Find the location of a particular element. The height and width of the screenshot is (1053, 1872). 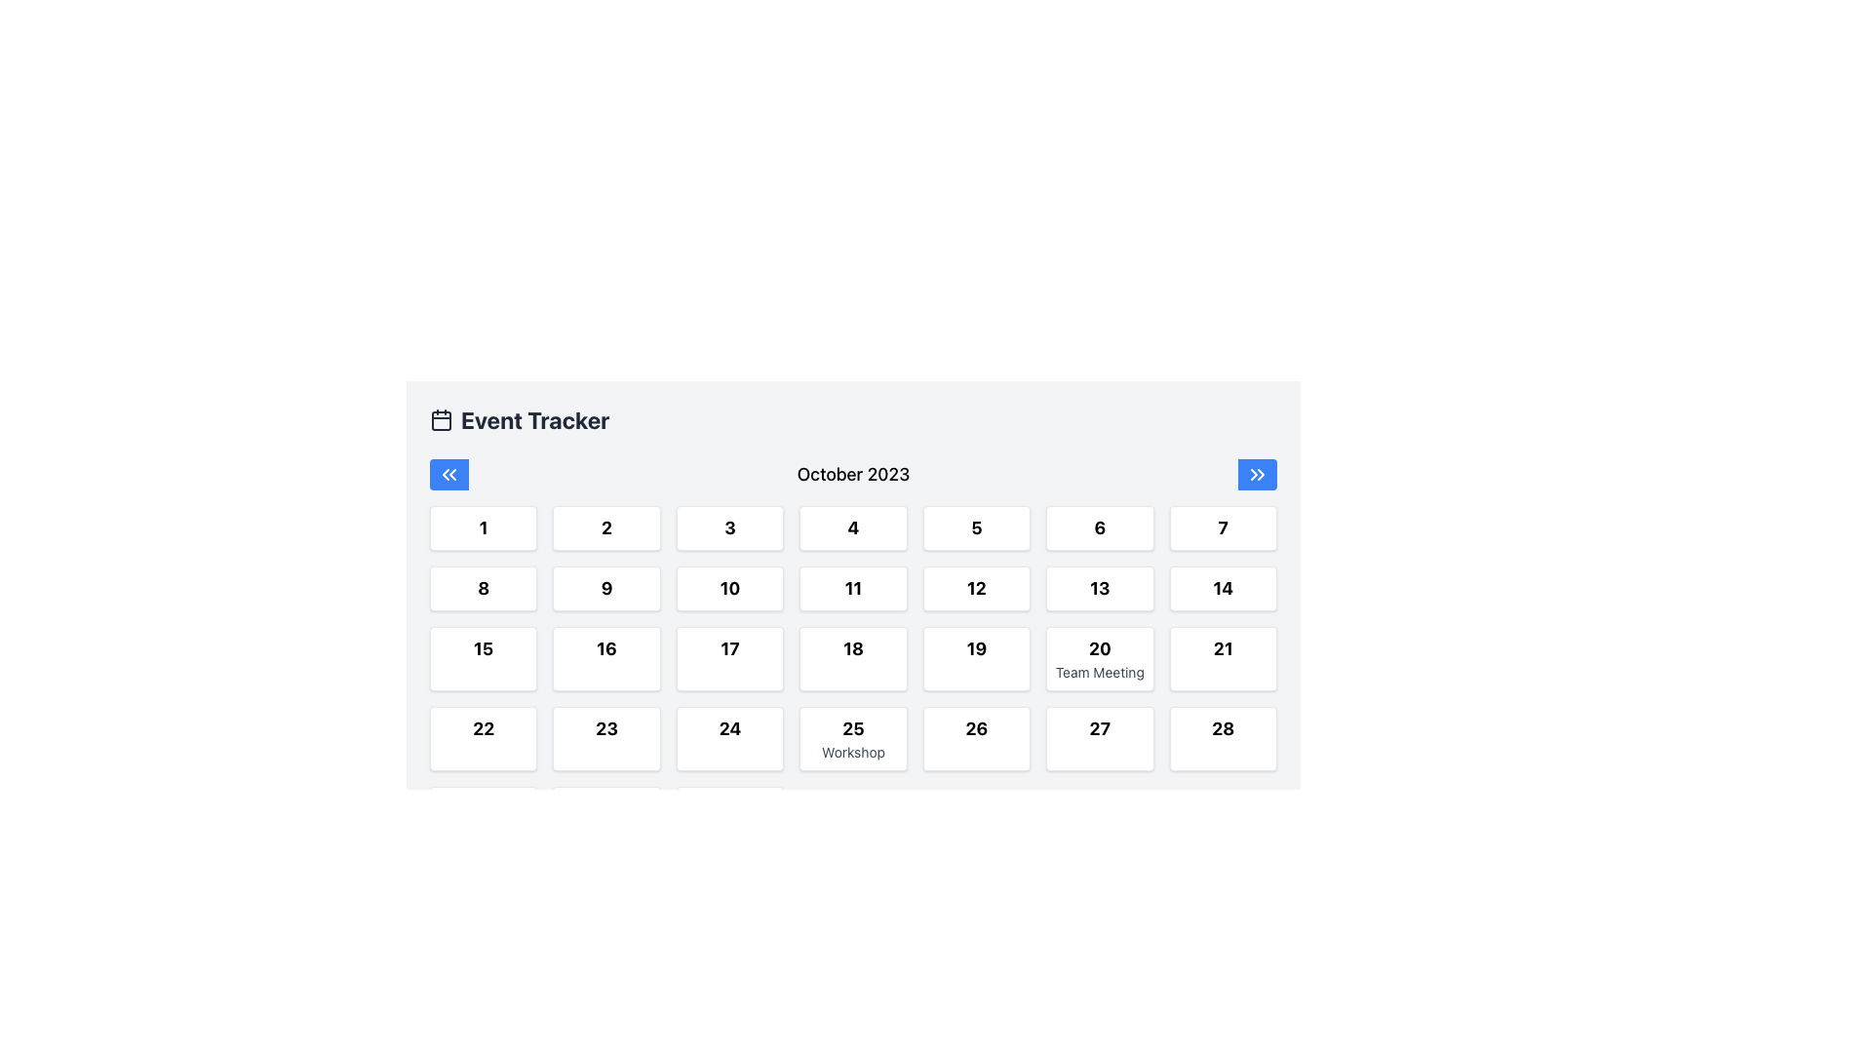

the specific cell is located at coordinates (853, 668).